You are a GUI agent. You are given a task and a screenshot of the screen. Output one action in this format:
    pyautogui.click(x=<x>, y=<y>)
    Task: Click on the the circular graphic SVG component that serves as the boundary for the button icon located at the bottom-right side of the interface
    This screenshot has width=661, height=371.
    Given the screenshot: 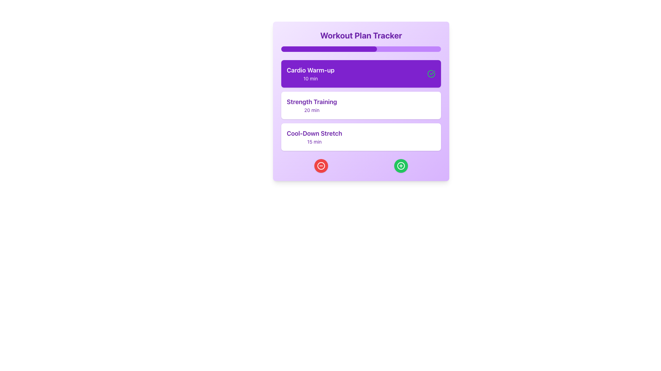 What is the action you would take?
    pyautogui.click(x=401, y=166)
    